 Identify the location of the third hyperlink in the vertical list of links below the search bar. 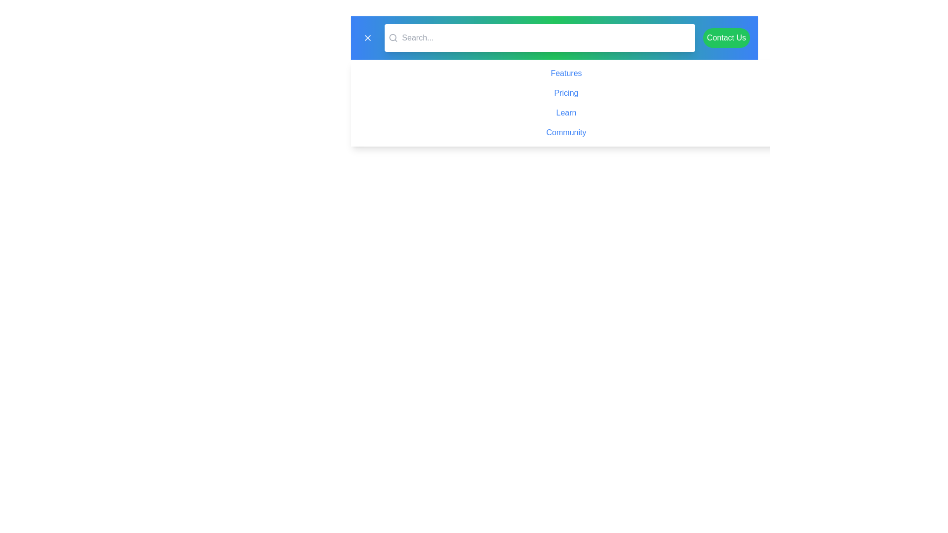
(566, 112).